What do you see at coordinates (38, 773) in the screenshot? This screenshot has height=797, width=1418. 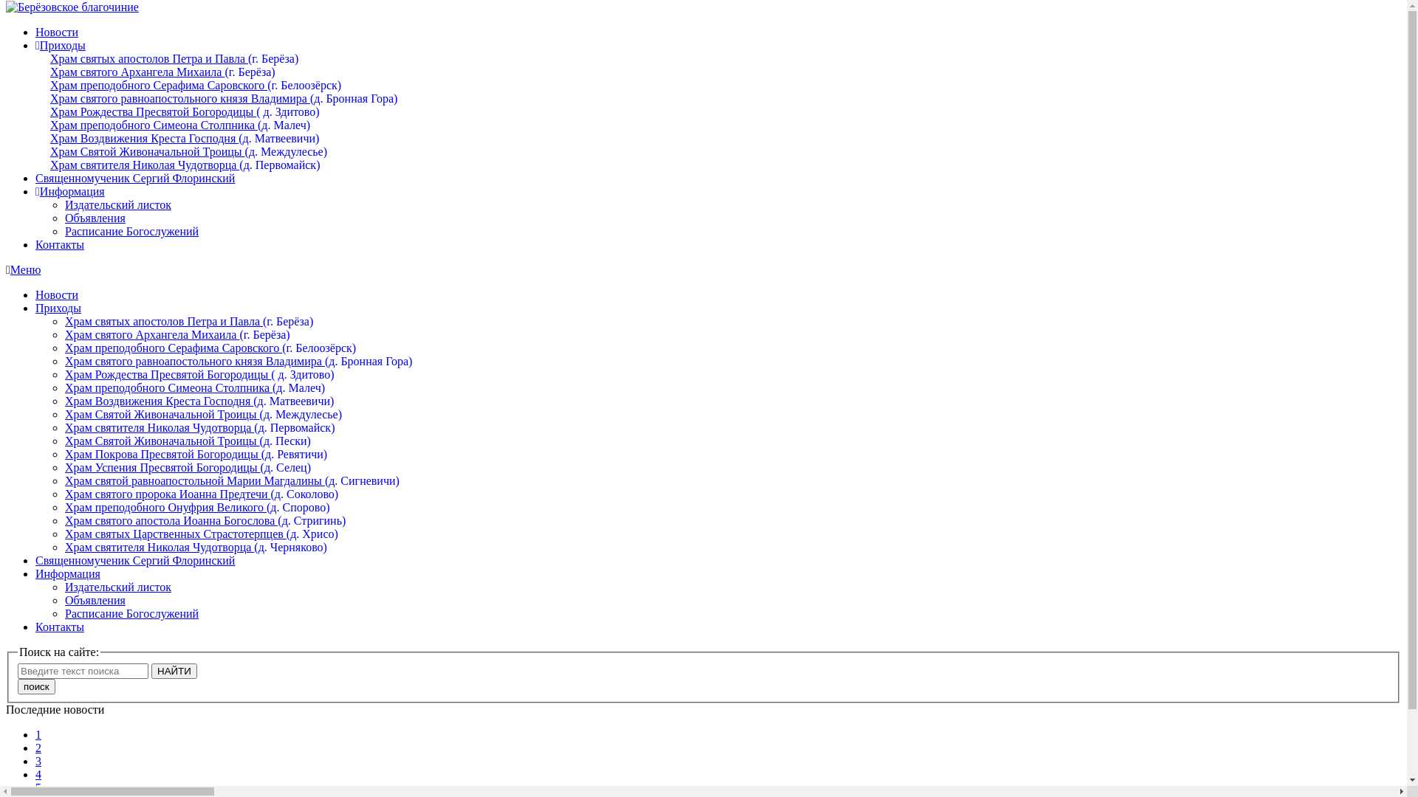 I see `'4'` at bounding box center [38, 773].